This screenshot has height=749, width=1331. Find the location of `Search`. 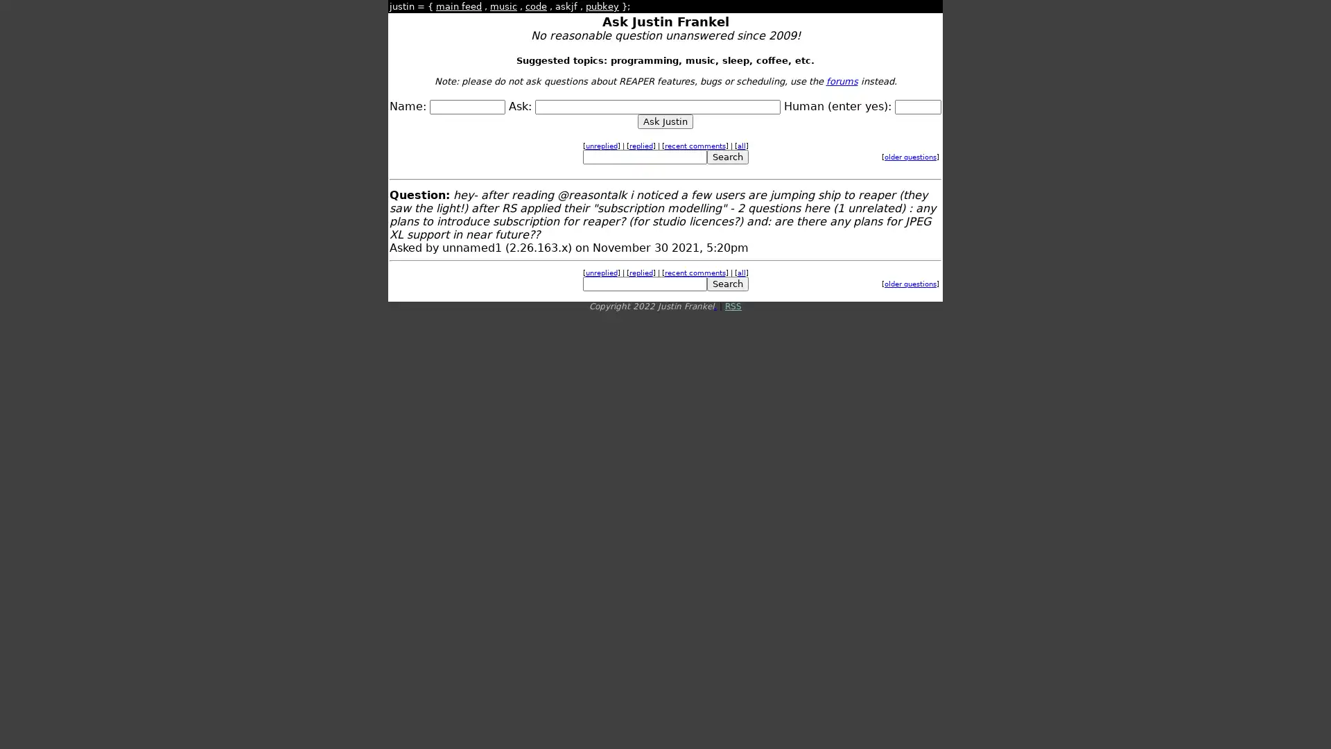

Search is located at coordinates (727, 156).